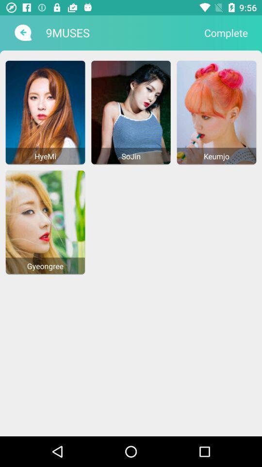  What do you see at coordinates (22, 33) in the screenshot?
I see `the arrow_backward icon` at bounding box center [22, 33].